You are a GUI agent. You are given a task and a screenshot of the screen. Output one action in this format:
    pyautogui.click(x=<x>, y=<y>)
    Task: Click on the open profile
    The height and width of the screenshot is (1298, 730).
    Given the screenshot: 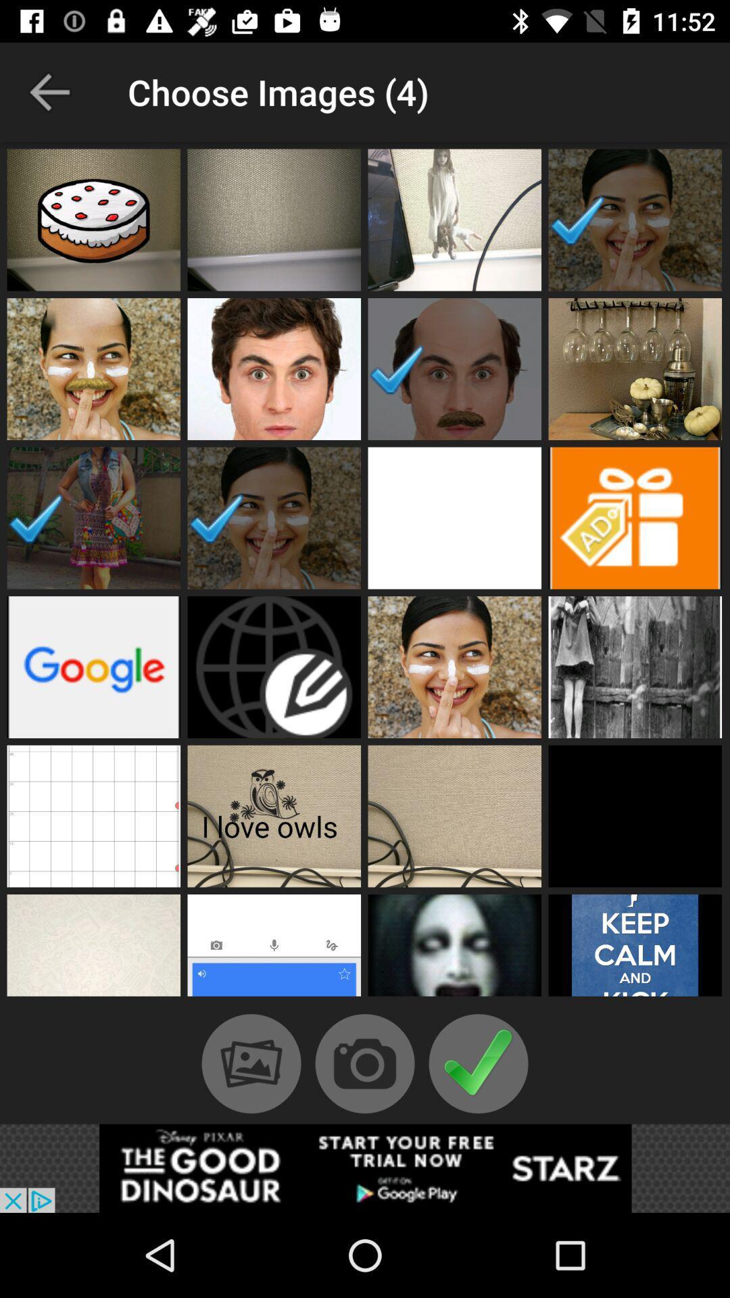 What is the action you would take?
    pyautogui.click(x=454, y=517)
    